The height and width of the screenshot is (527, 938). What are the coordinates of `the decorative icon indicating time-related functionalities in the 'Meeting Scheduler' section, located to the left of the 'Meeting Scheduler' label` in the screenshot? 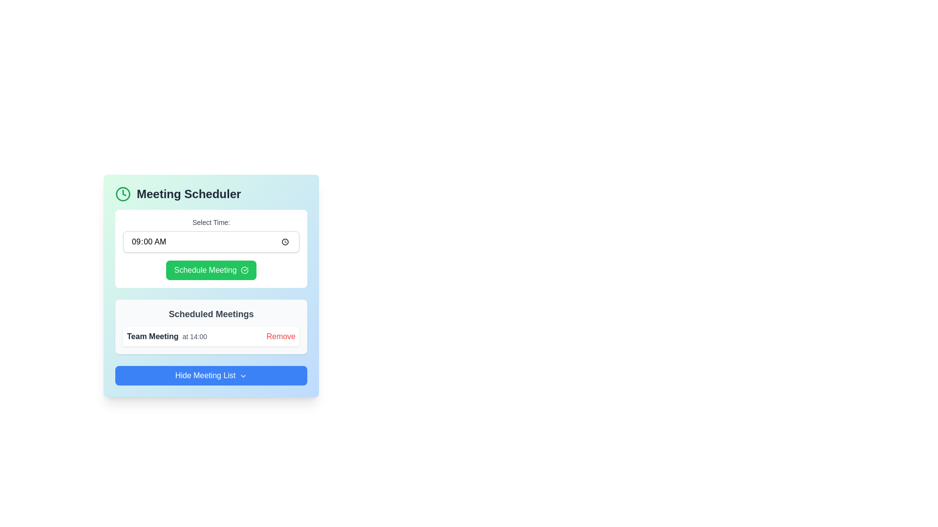 It's located at (123, 194).